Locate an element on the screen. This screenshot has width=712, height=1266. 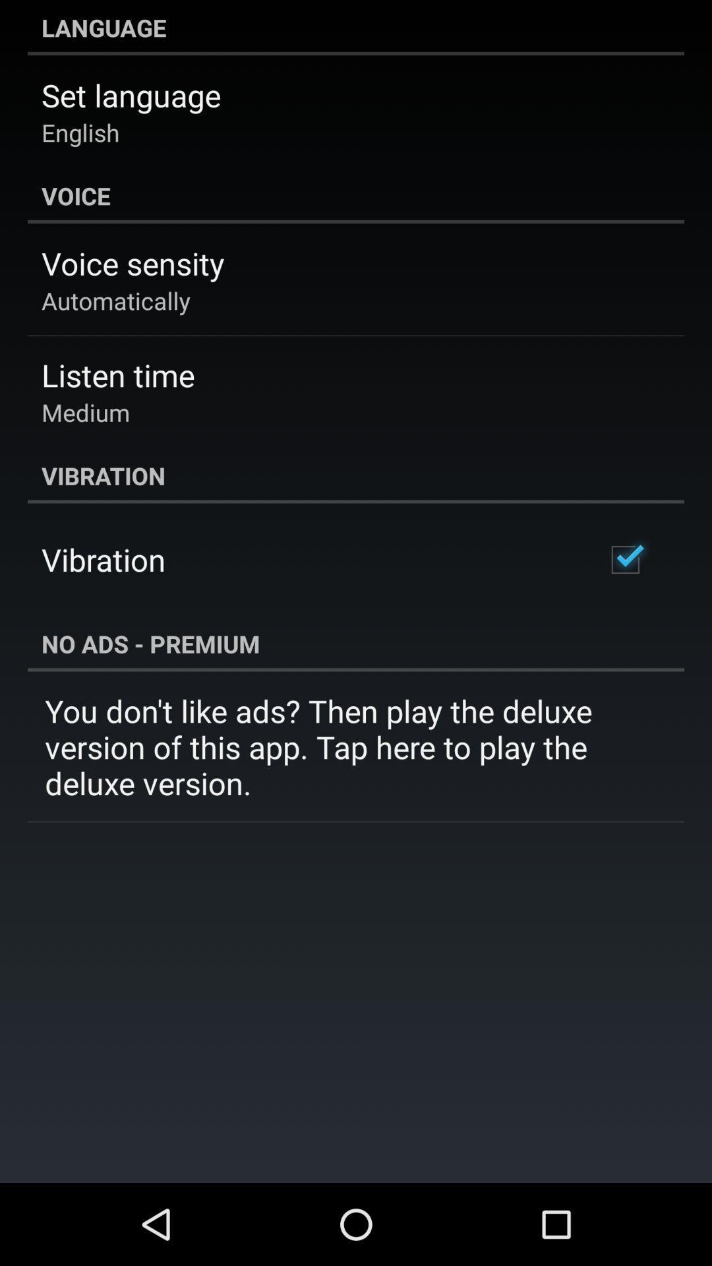
the icon above medium app is located at coordinates (117, 374).